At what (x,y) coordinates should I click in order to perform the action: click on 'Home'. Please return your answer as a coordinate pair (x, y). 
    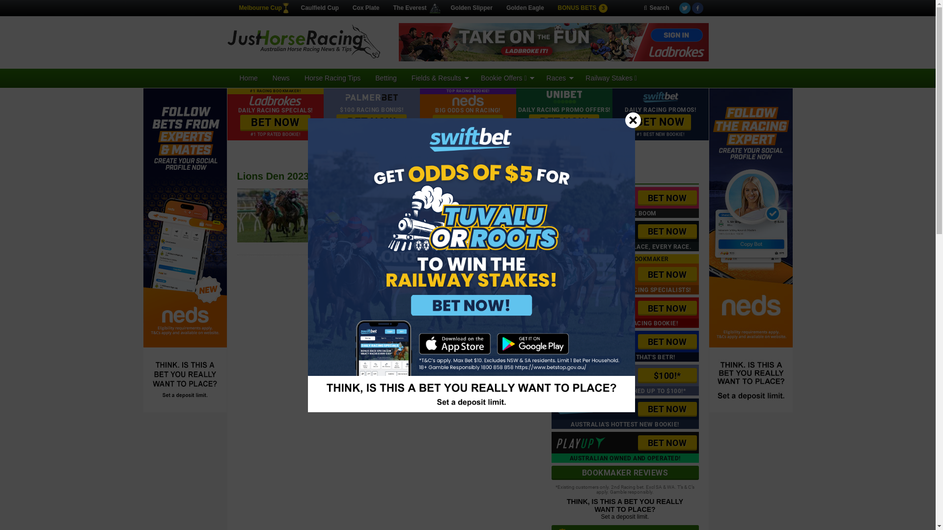
    Looking at the image, I should click on (248, 77).